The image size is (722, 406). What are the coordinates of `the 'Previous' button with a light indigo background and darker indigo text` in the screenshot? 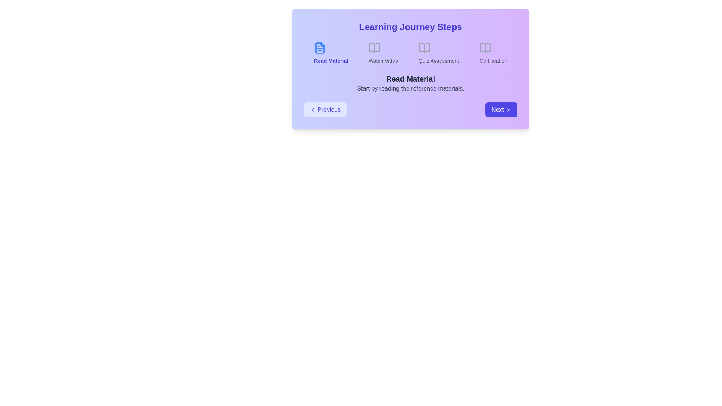 It's located at (325, 110).